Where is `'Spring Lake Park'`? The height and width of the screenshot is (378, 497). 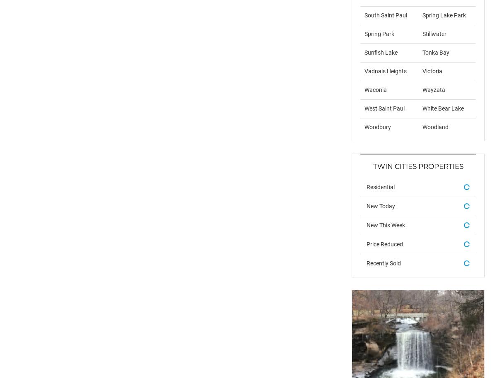
'Spring Lake Park' is located at coordinates (422, 15).